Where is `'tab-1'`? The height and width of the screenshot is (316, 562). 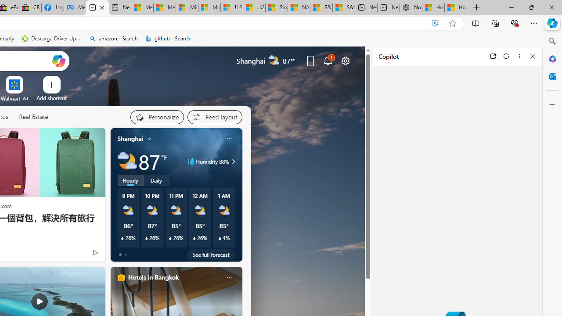 'tab-1' is located at coordinates (125, 254).